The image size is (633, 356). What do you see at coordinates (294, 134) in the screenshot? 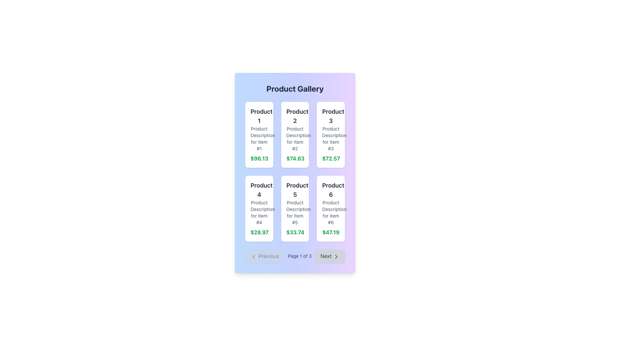
I see `the product card showcasing details about 'Product 2' in the second column of the first row of a 3x2 grid layout` at bounding box center [294, 134].